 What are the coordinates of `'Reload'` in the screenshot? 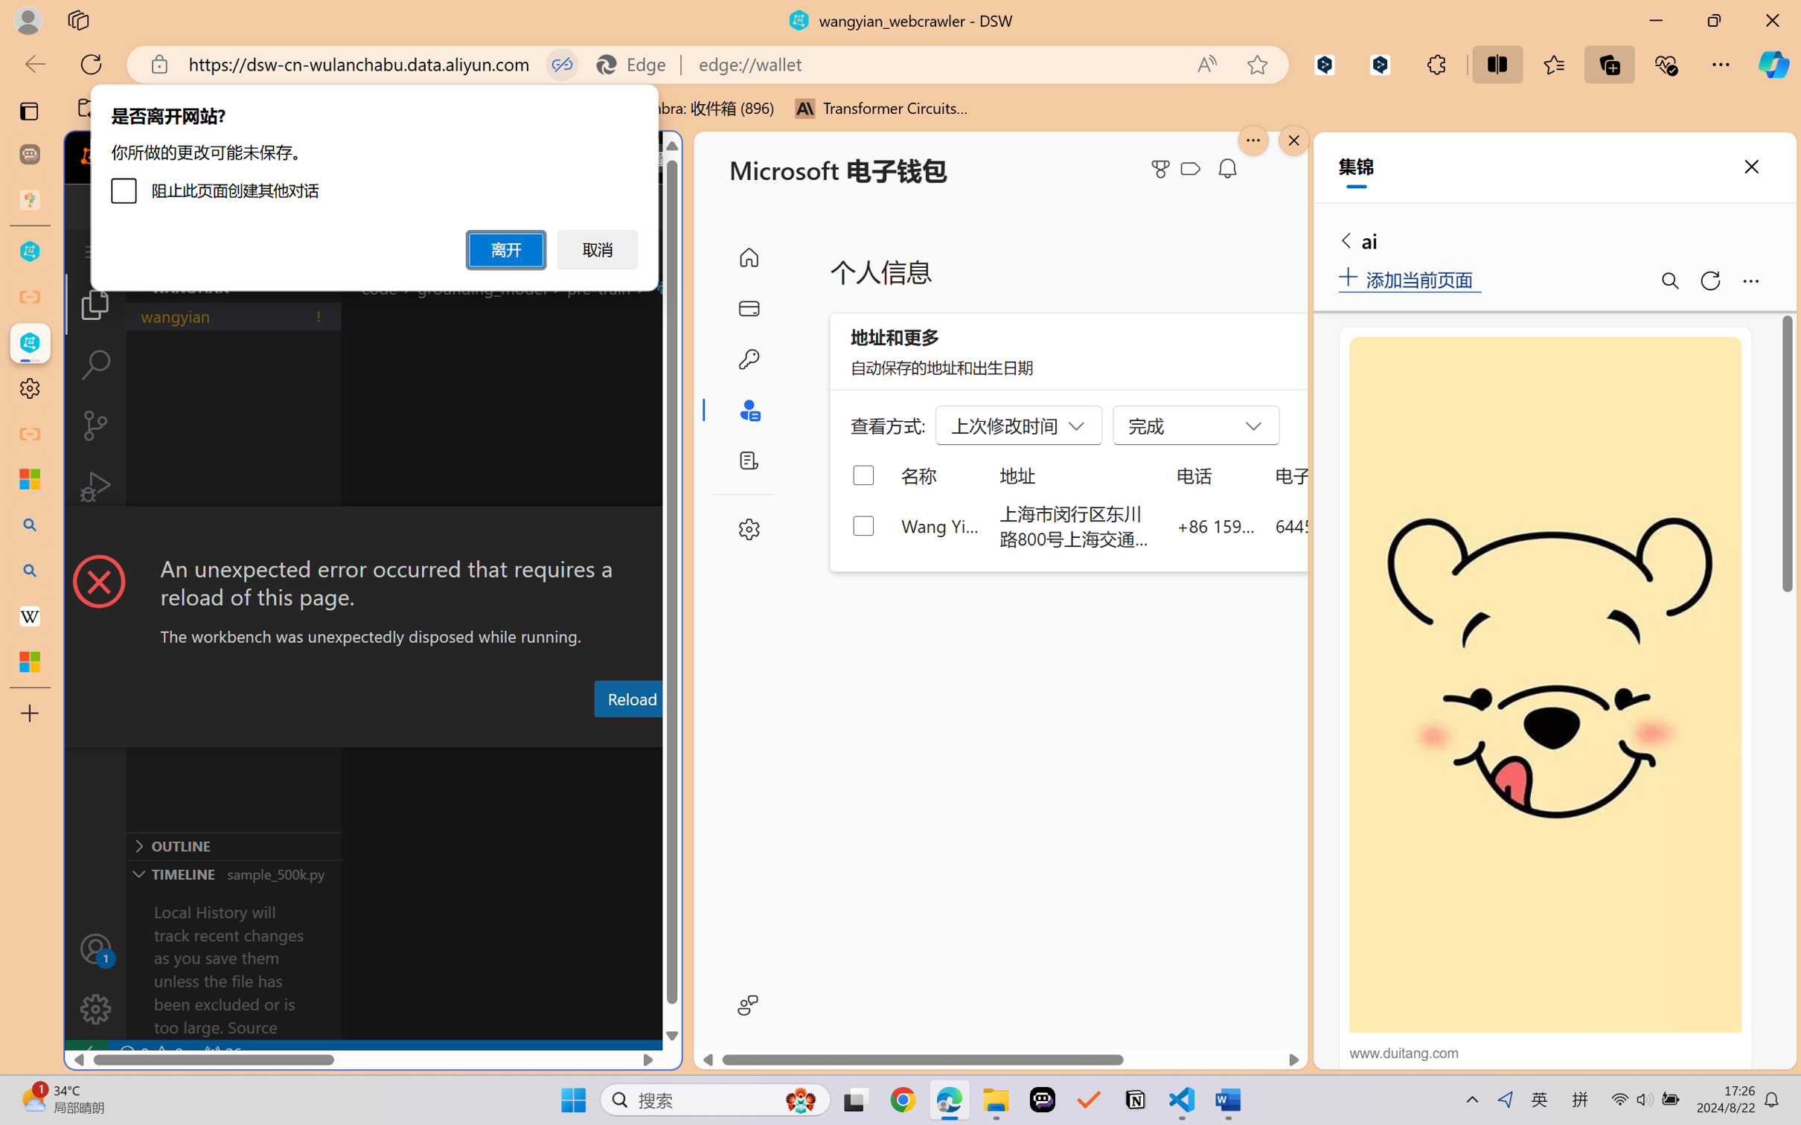 It's located at (630, 697).